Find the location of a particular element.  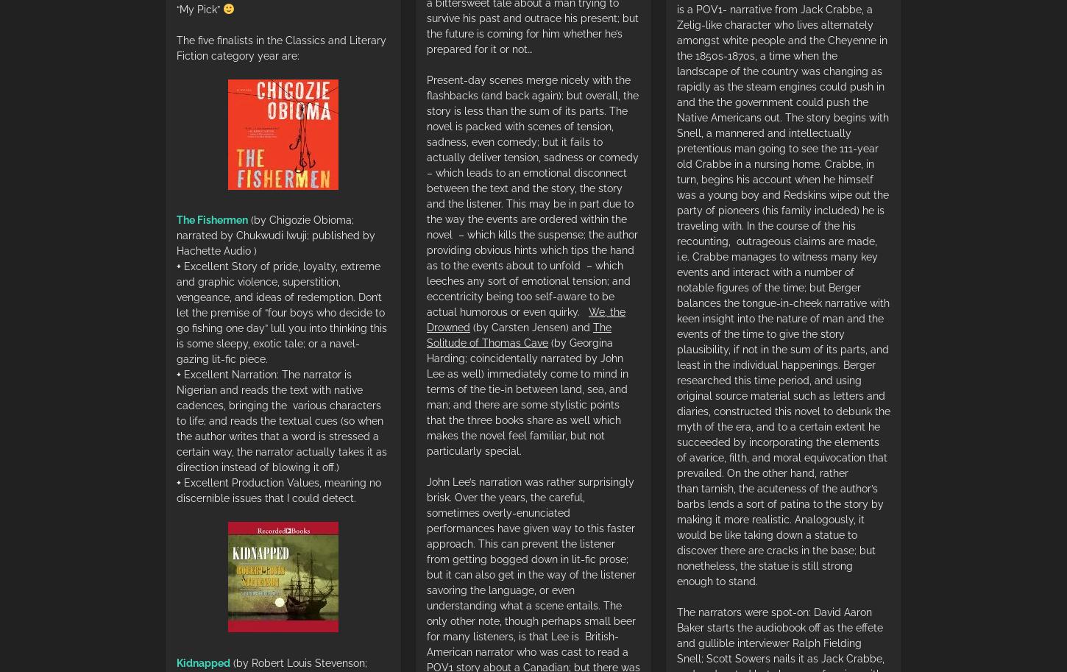

'We, the Drowned' is located at coordinates (427, 319).